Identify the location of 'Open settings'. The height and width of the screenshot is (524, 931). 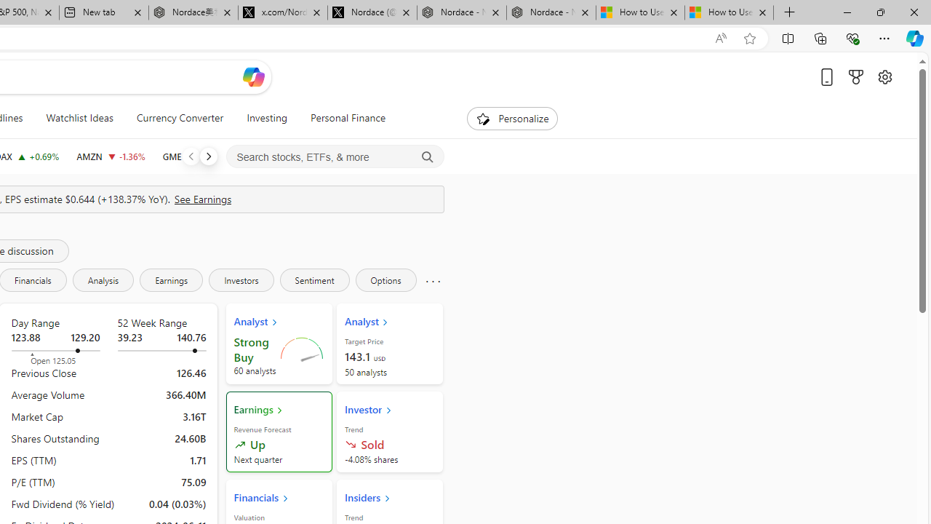
(884, 76).